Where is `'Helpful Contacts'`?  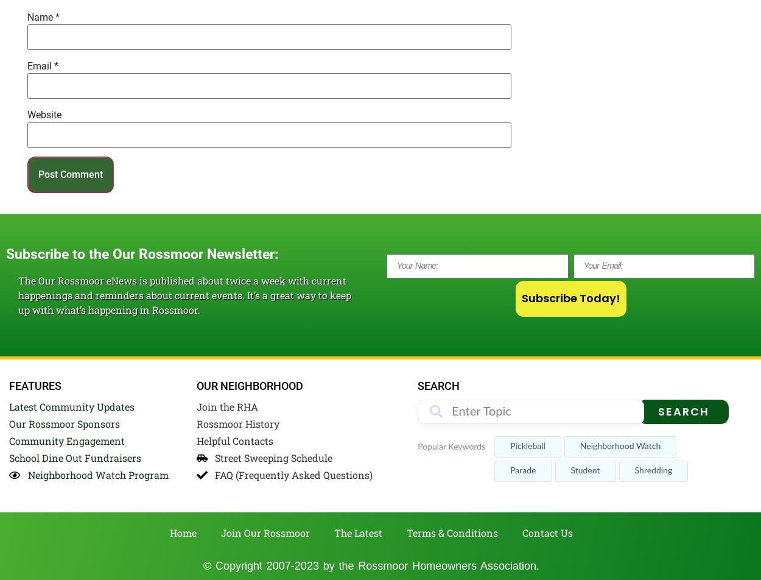
'Helpful Contacts' is located at coordinates (234, 440).